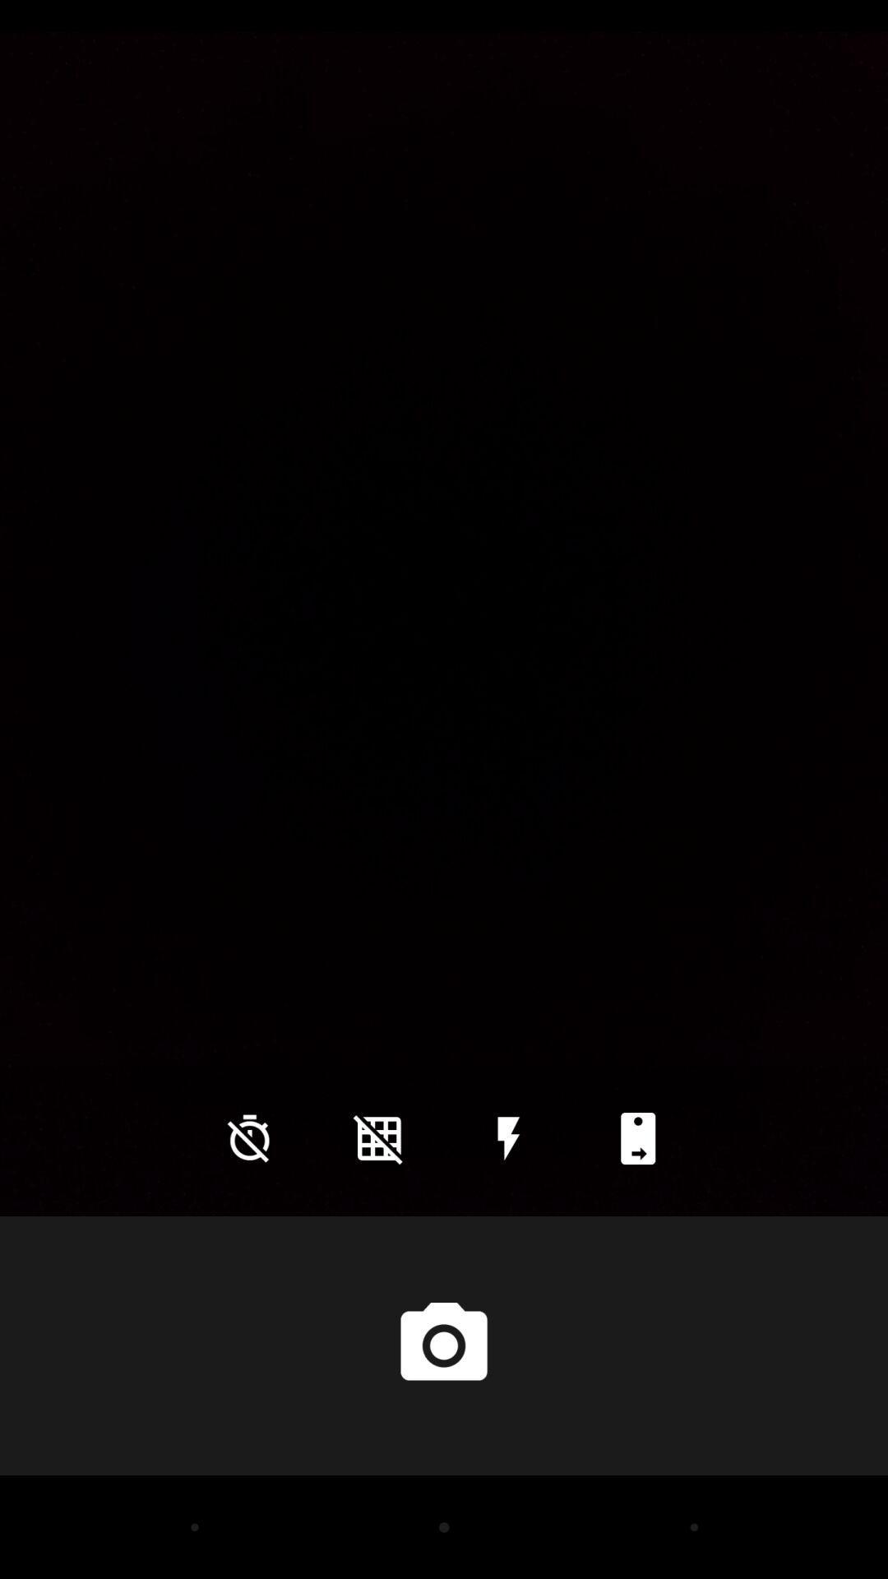  Describe the element at coordinates (637, 1137) in the screenshot. I see `the item at the bottom right corner` at that location.